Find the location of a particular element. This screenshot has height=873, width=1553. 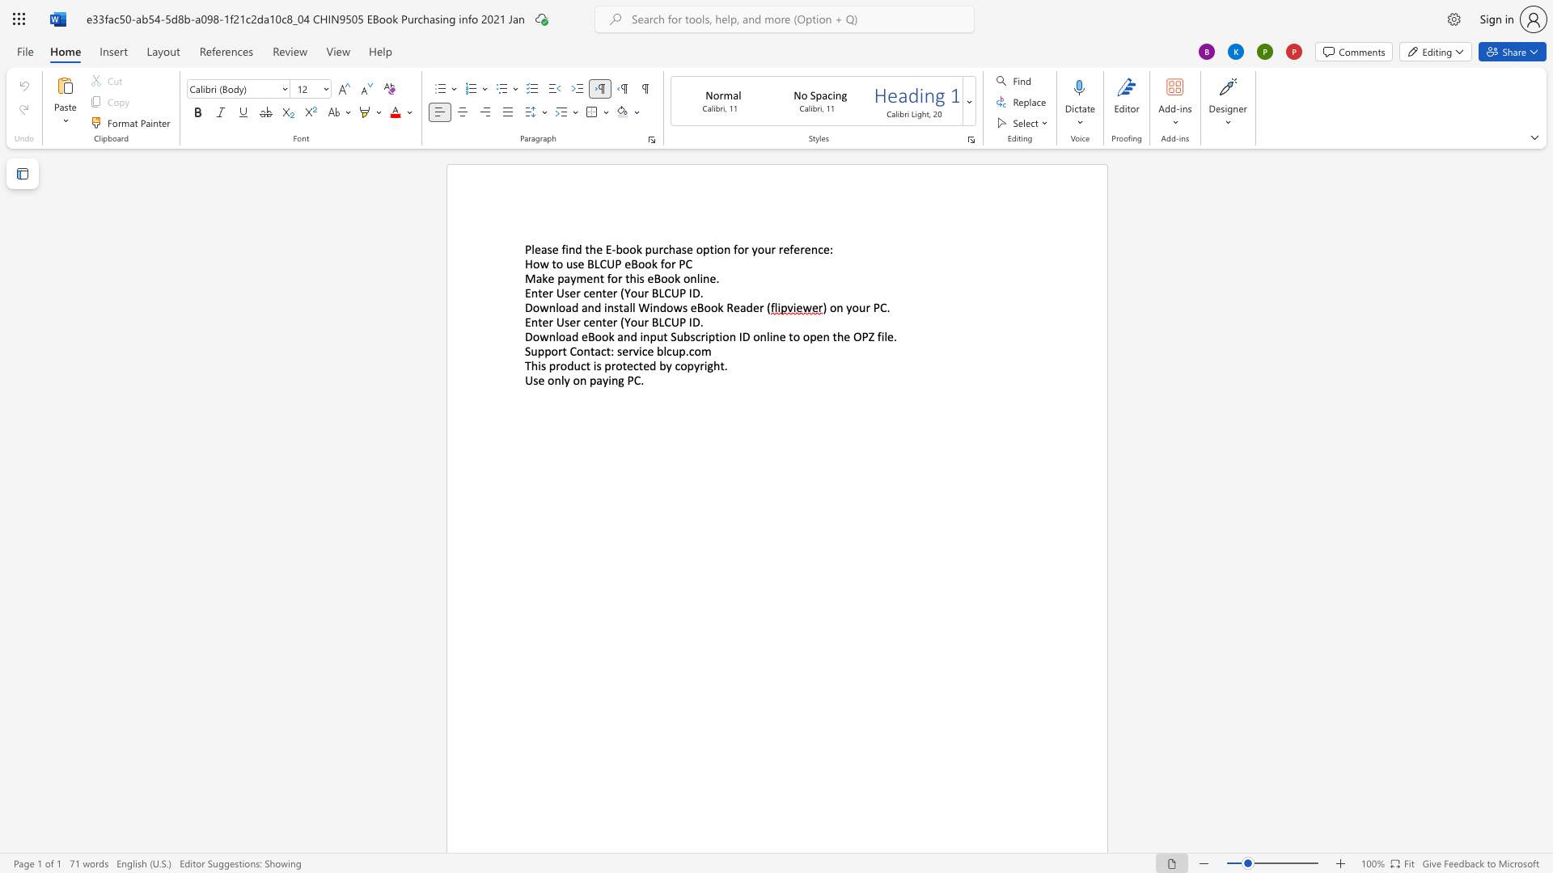

the subset text "This product" within the text "This product is protected by copyright." is located at coordinates (524, 365).